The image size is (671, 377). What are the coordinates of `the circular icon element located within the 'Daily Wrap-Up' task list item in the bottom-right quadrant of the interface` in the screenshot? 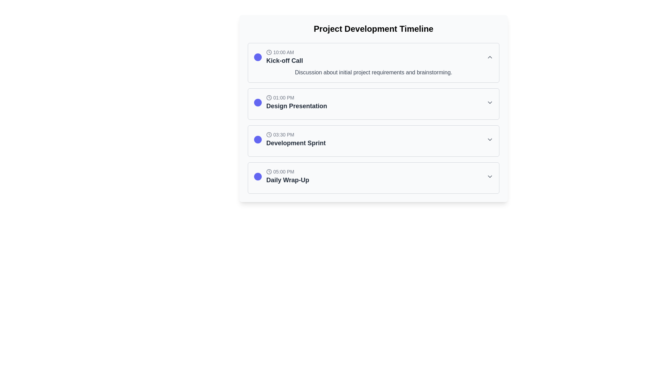 It's located at (258, 176).